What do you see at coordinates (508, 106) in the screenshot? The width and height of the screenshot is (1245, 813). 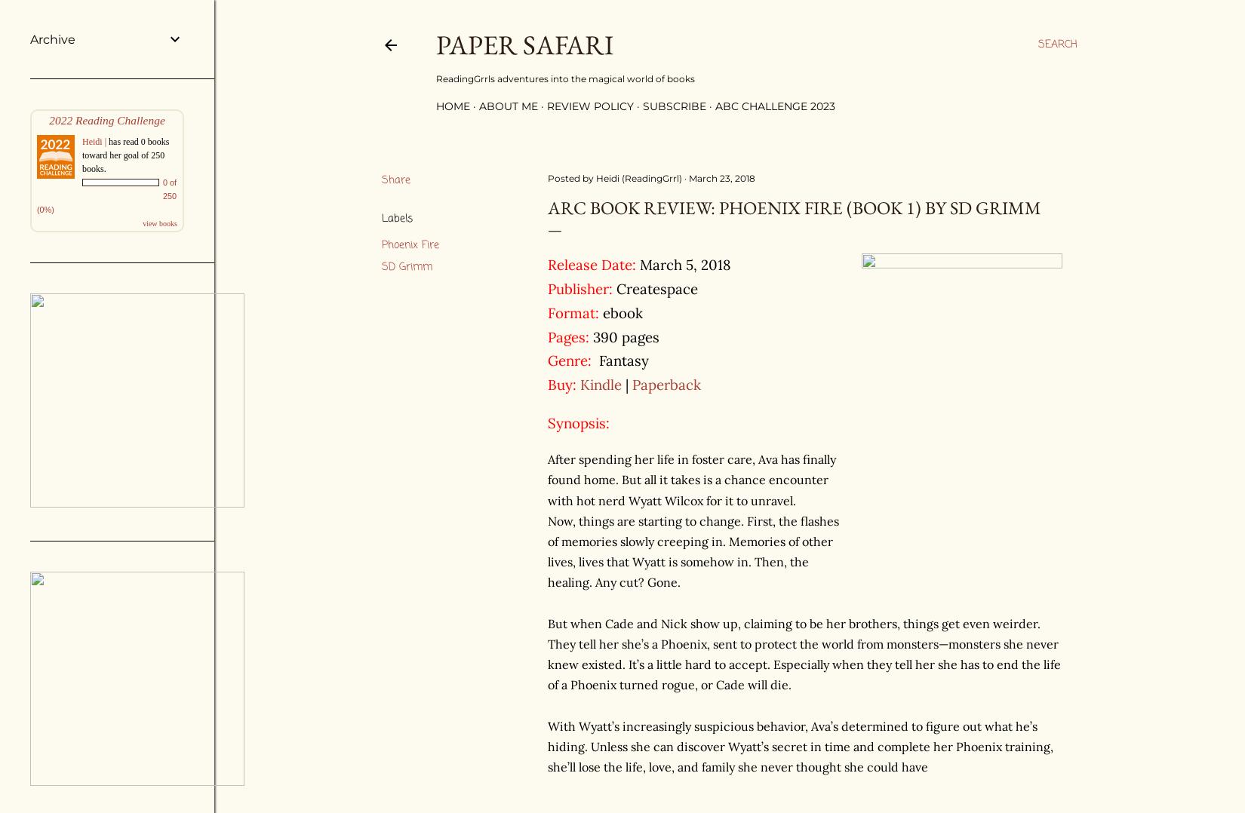 I see `'About Me'` at bounding box center [508, 106].